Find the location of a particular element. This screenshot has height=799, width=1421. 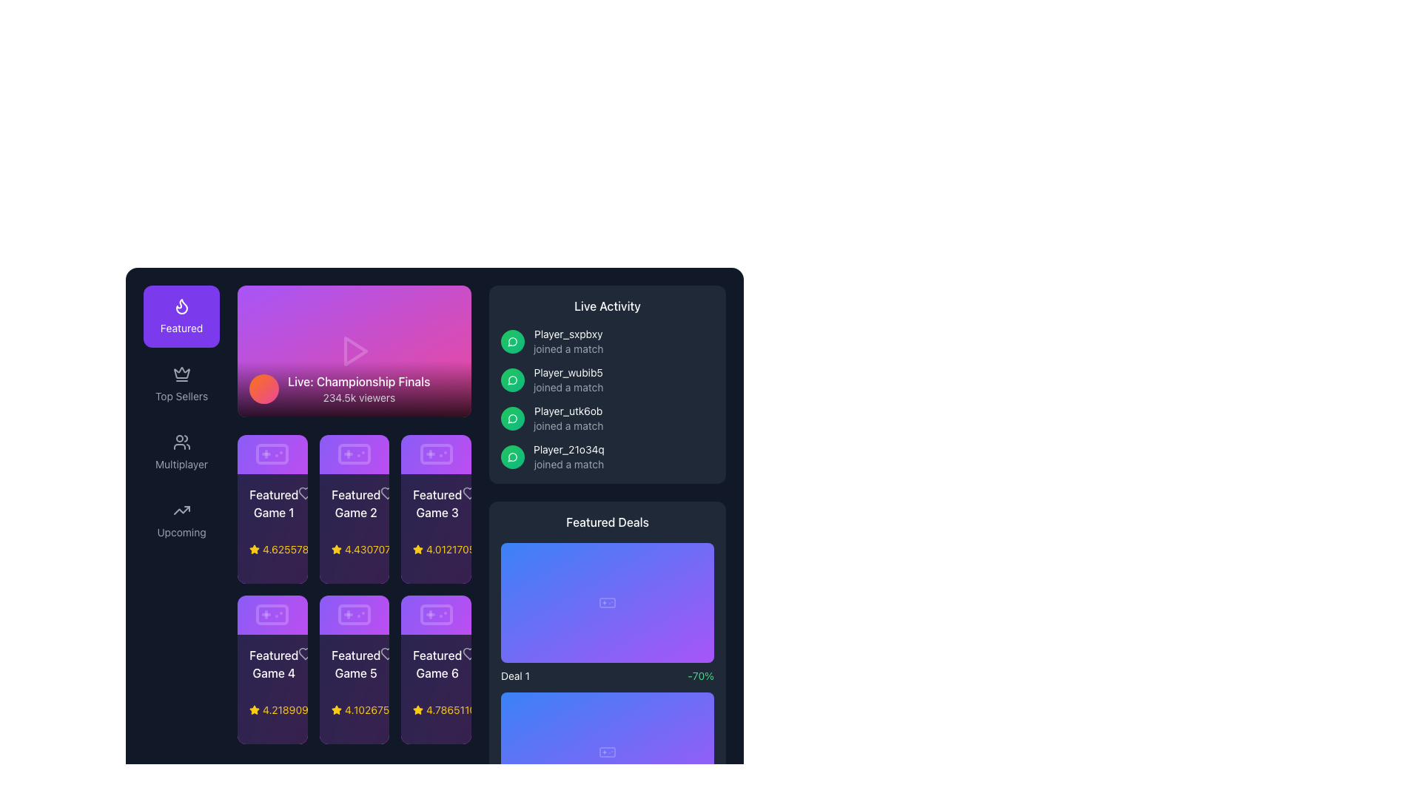

details displayed in the Label at the bottom of the gradient background area, which shows 'Live: Championship Finals' and '234.5k viewers' is located at coordinates (354, 388).